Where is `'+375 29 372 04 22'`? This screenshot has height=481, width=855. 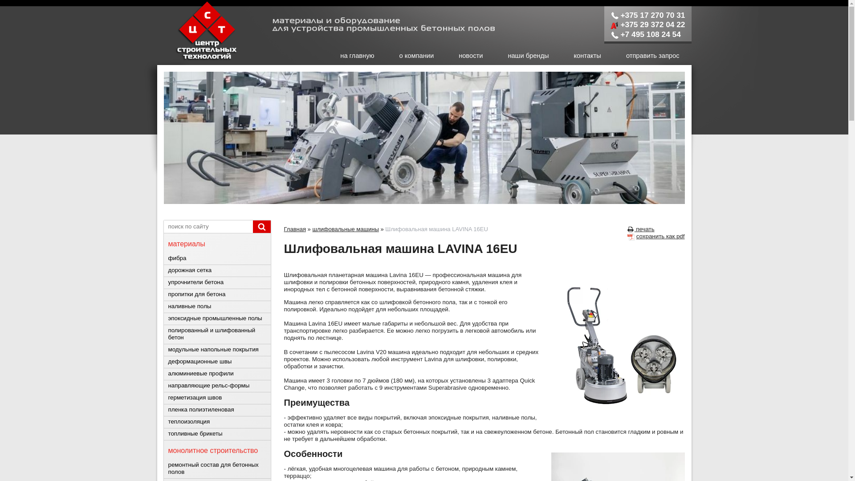
'+375 29 372 04 22' is located at coordinates (647, 24).